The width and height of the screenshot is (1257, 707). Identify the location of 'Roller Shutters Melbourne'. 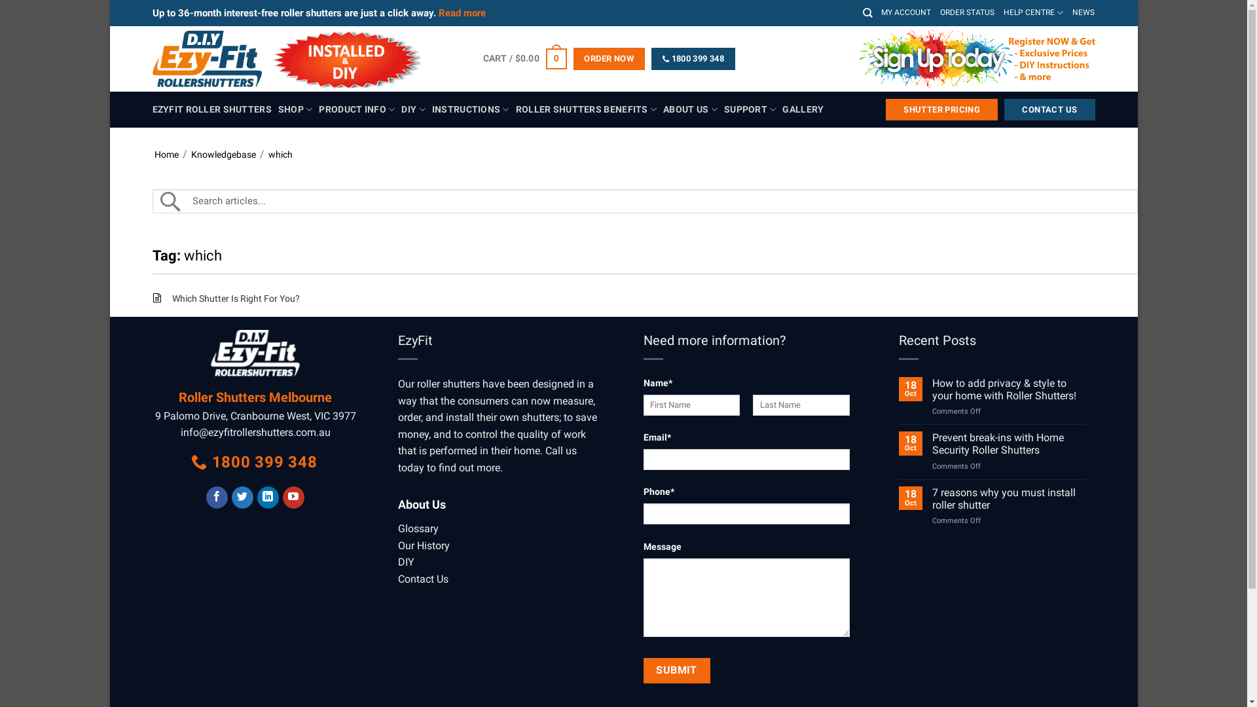
(255, 396).